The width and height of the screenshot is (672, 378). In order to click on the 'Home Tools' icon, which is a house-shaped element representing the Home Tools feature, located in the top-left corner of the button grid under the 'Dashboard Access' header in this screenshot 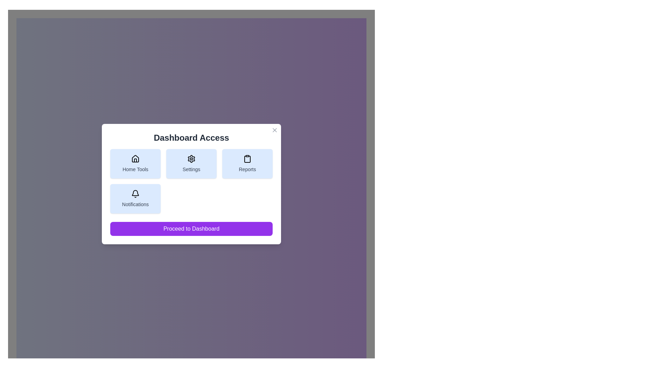, I will do `click(135, 158)`.